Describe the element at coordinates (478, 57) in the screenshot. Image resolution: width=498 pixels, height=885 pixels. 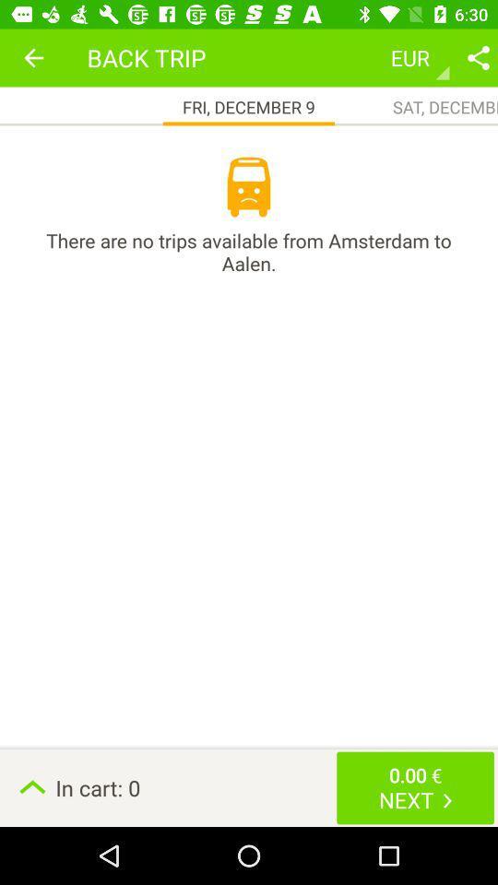
I see `share` at that location.